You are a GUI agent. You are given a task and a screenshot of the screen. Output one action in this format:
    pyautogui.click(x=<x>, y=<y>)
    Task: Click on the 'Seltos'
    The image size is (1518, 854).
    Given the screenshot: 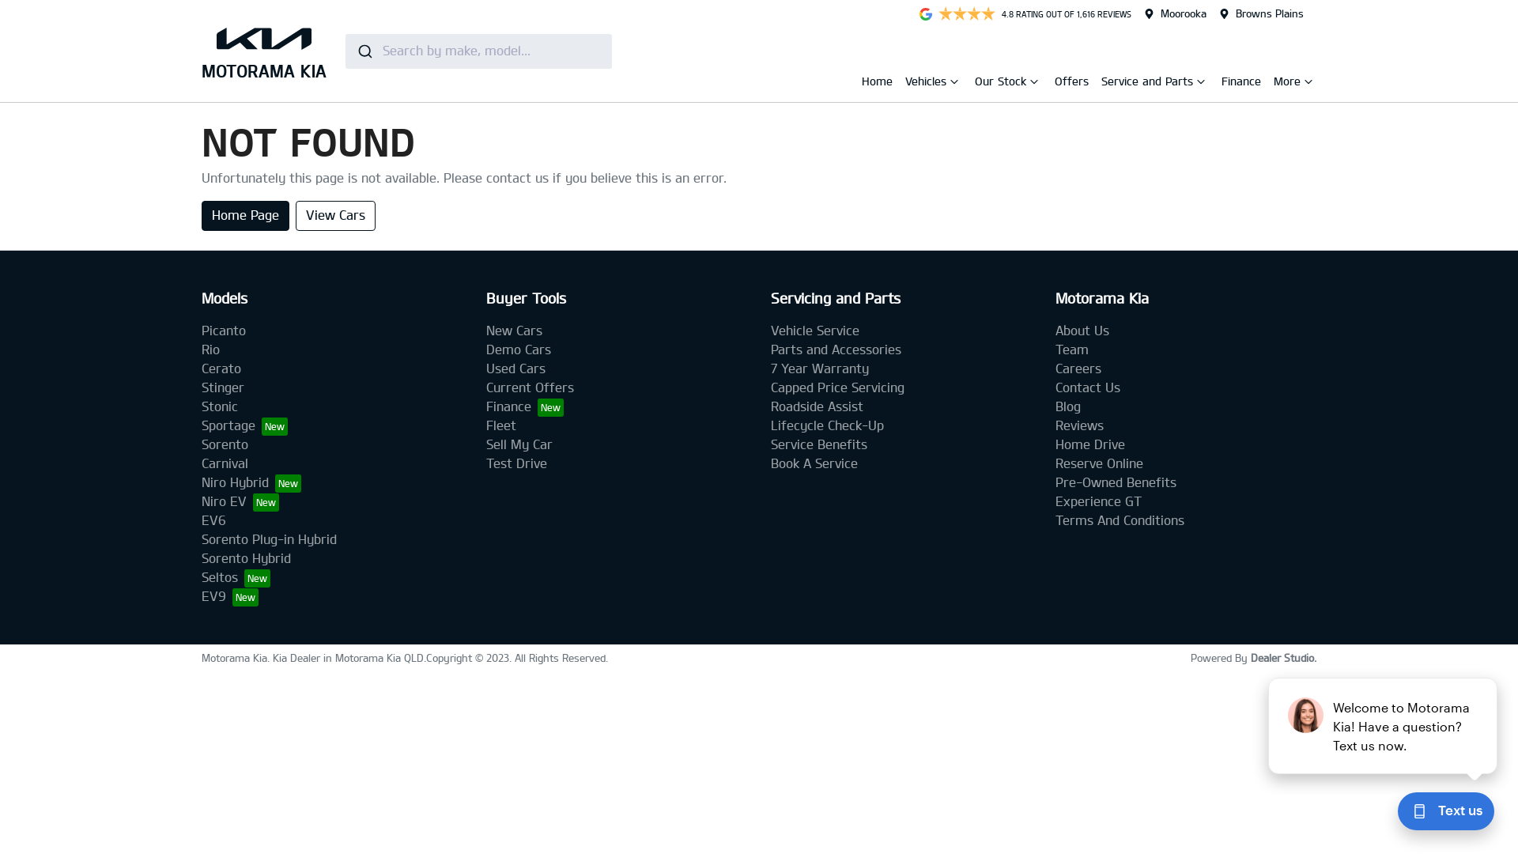 What is the action you would take?
    pyautogui.click(x=235, y=577)
    